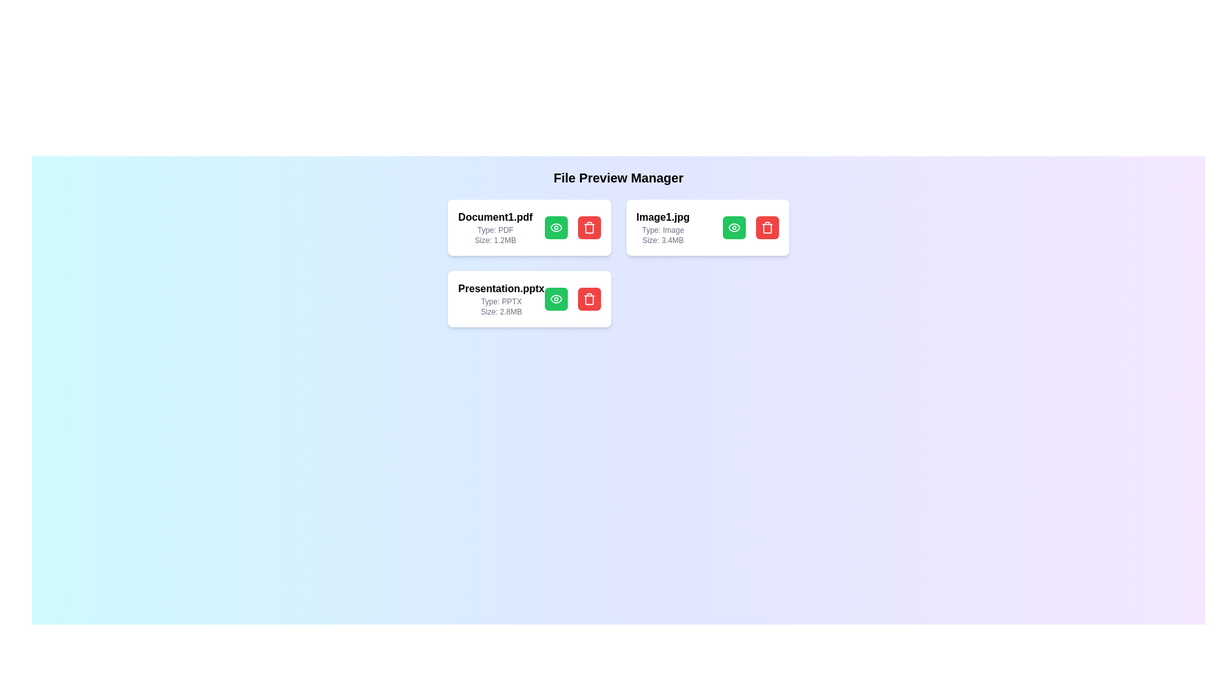 The width and height of the screenshot is (1225, 689). What do you see at coordinates (734, 227) in the screenshot?
I see `the green button with a white eye-shaped icon` at bounding box center [734, 227].